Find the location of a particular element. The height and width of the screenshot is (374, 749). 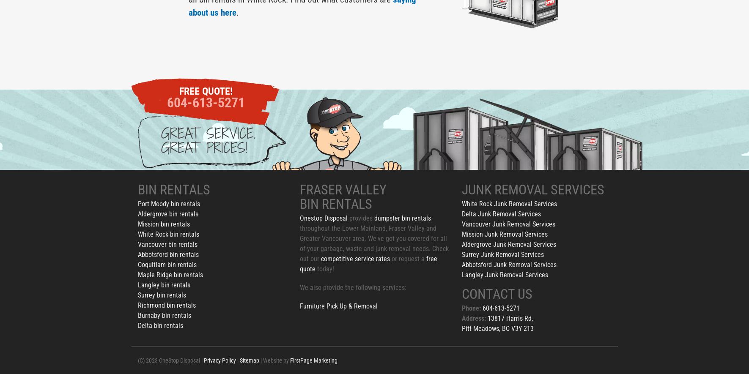

'Burnaby bin rentals' is located at coordinates (164, 315).